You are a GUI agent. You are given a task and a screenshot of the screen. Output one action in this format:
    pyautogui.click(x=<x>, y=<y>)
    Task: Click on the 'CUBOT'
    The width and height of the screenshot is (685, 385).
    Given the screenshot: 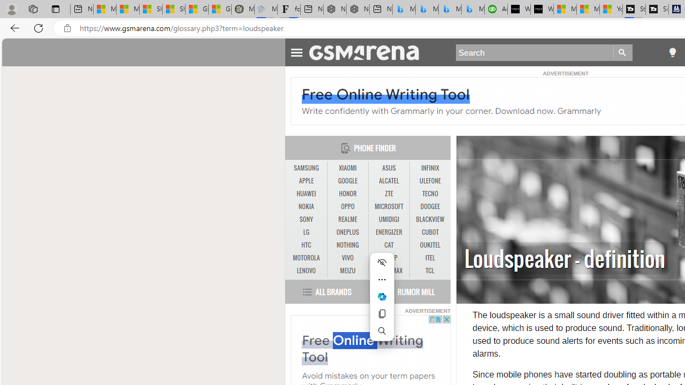 What is the action you would take?
    pyautogui.click(x=430, y=232)
    